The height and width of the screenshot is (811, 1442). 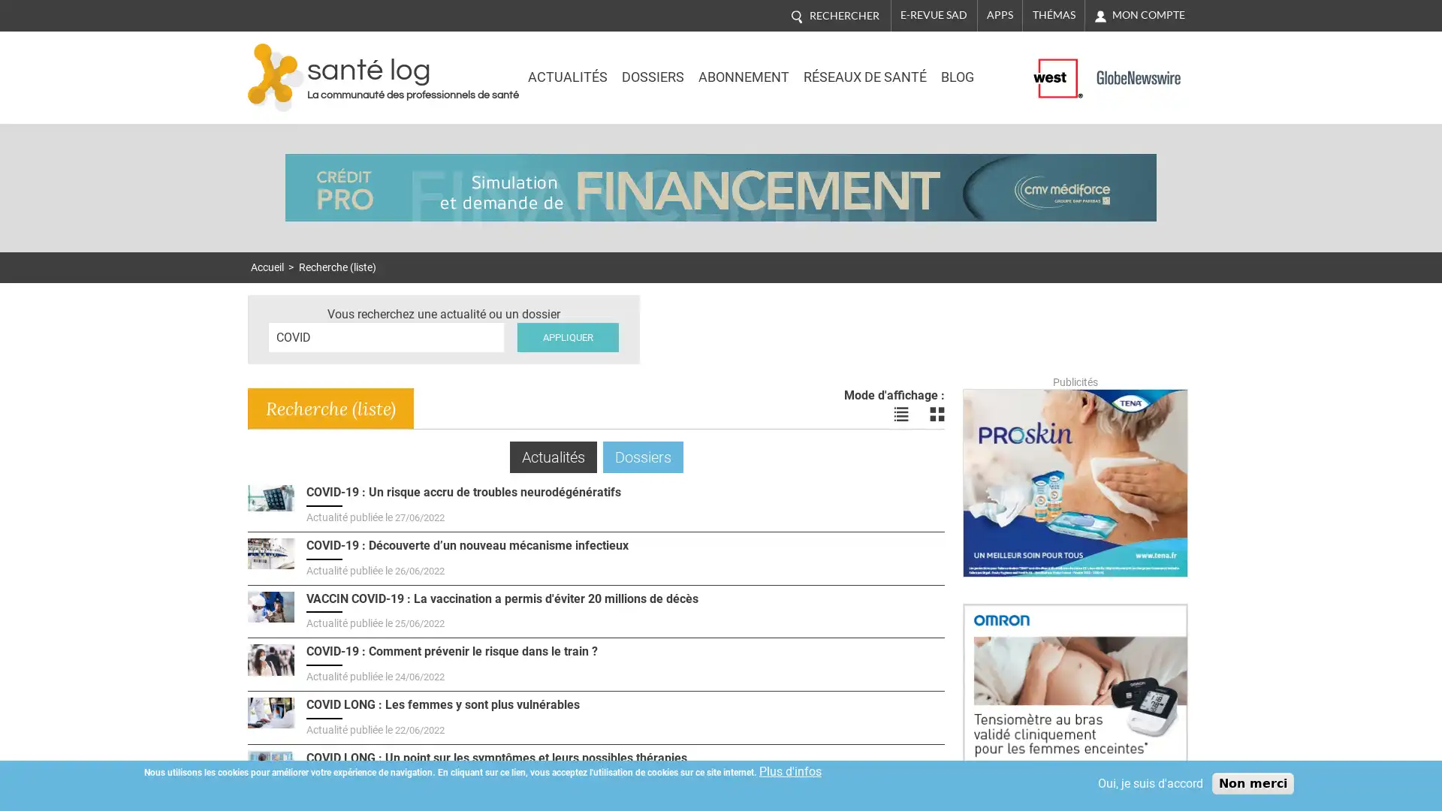 I want to click on Non merci, so click(x=1253, y=782).